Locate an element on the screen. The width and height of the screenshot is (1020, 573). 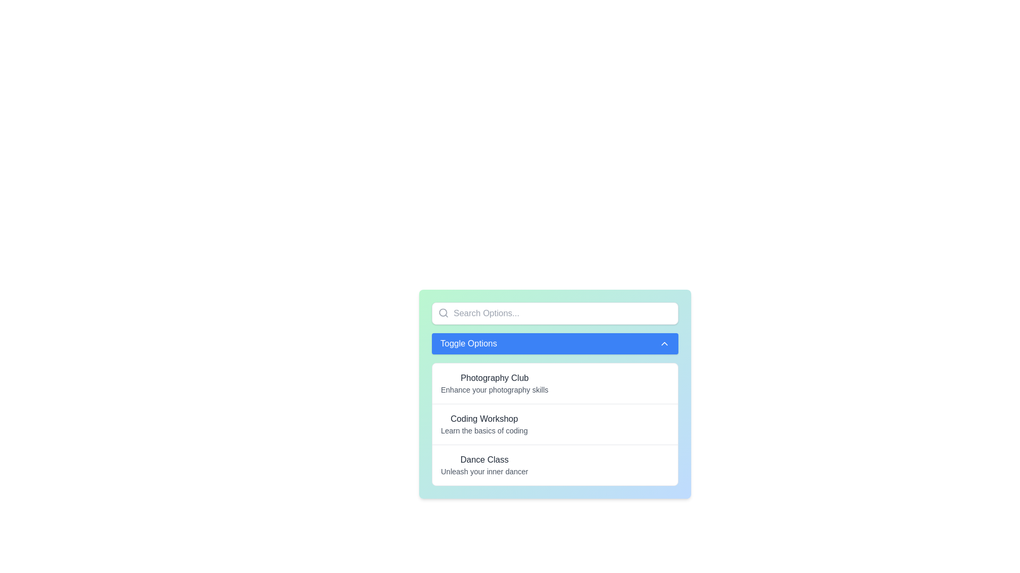
the third selectable list item labeled 'Dance Class' is located at coordinates (555, 464).